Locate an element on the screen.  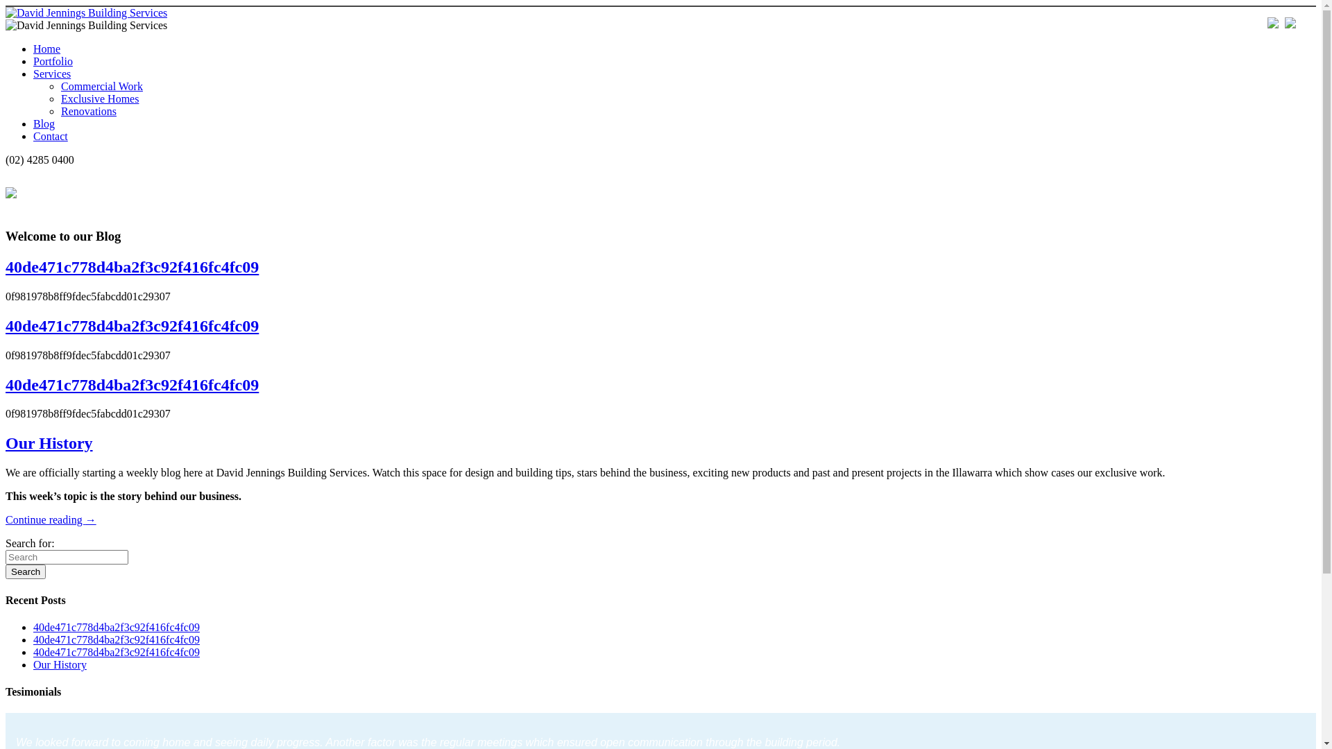
'Services' is located at coordinates (52, 74).